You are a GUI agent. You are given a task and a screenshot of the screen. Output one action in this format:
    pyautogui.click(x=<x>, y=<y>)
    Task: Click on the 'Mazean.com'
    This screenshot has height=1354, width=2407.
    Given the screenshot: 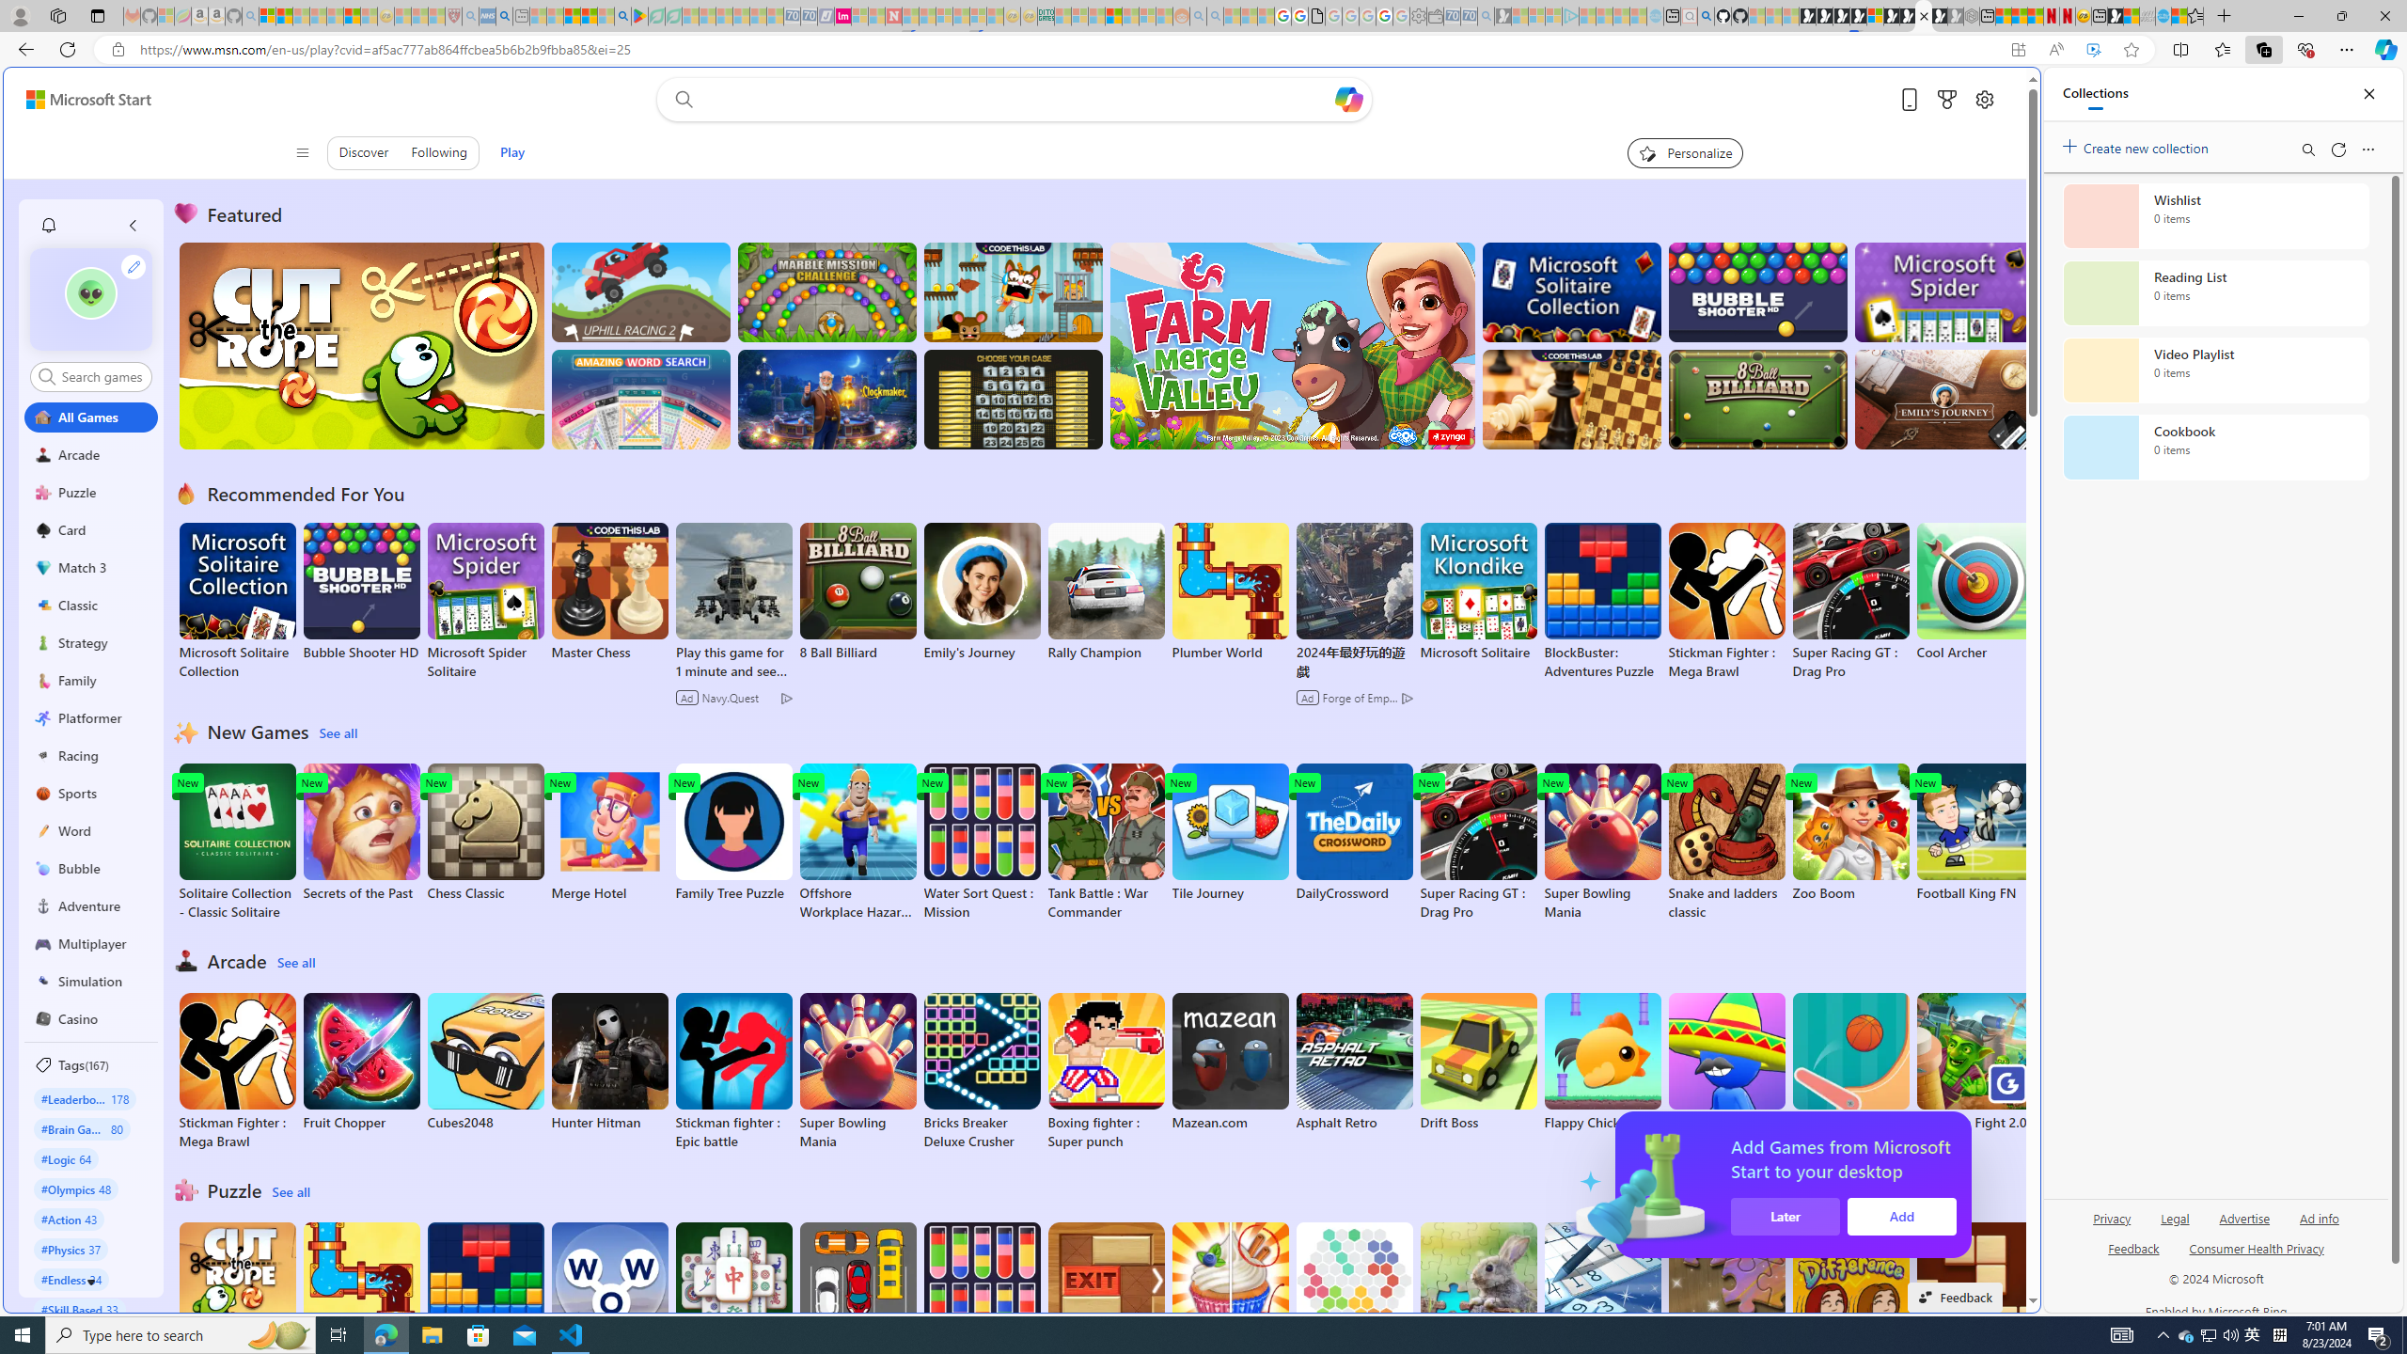 What is the action you would take?
    pyautogui.click(x=1230, y=1062)
    